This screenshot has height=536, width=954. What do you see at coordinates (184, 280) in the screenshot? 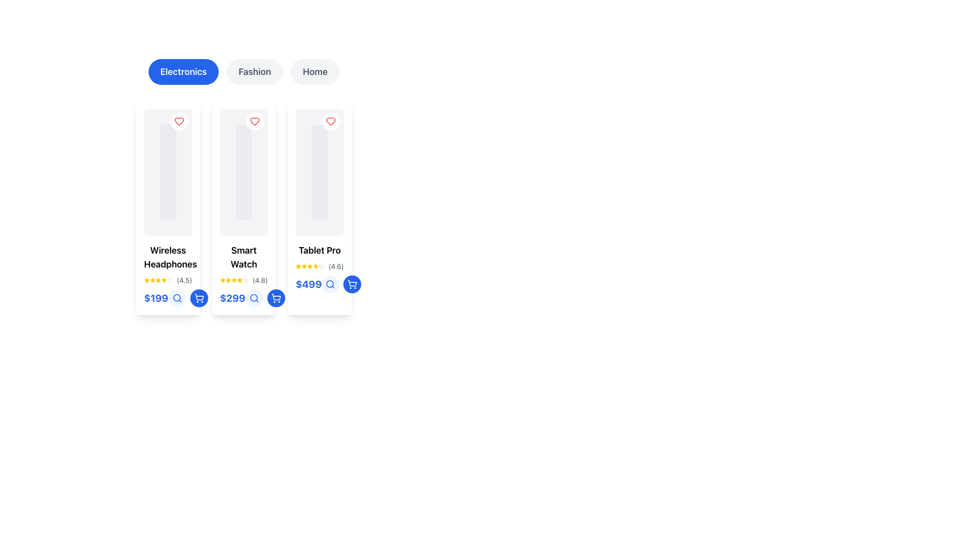
I see `rating value displayed as '(4.5)' in small gray text next to the yellow stars for the 'Wireless Headphones' product` at bounding box center [184, 280].